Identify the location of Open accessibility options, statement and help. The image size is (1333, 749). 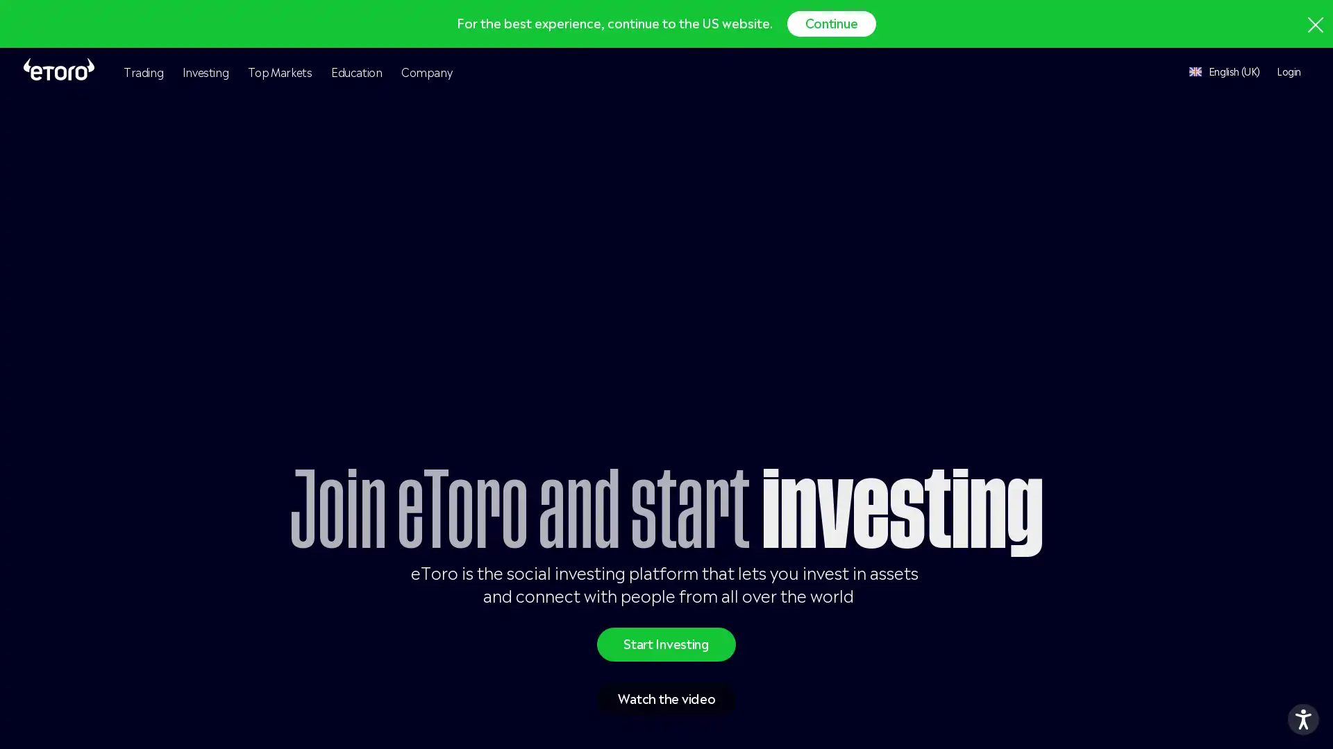
(1302, 718).